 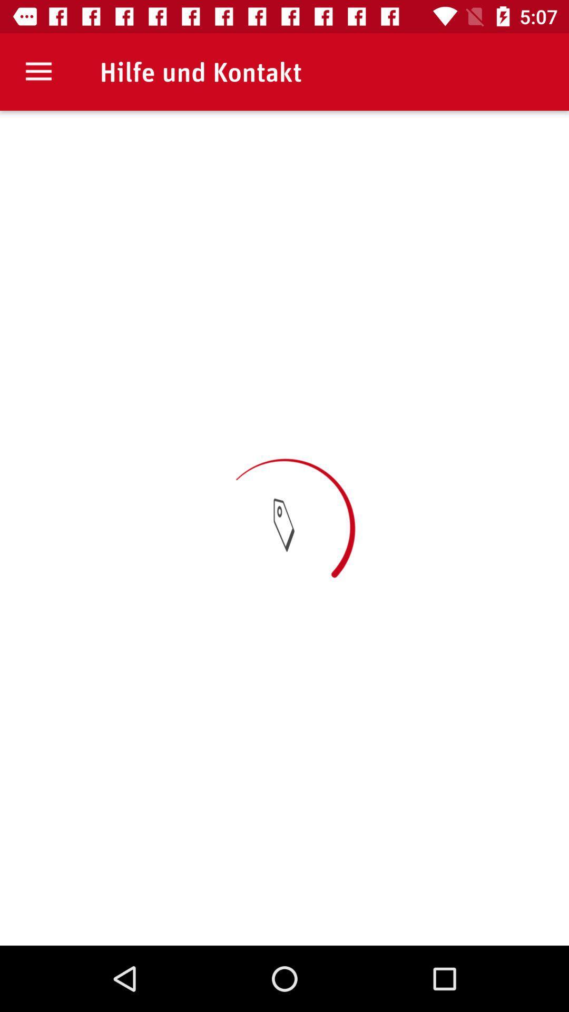 I want to click on the hilfe und kontakt item, so click(x=201, y=71).